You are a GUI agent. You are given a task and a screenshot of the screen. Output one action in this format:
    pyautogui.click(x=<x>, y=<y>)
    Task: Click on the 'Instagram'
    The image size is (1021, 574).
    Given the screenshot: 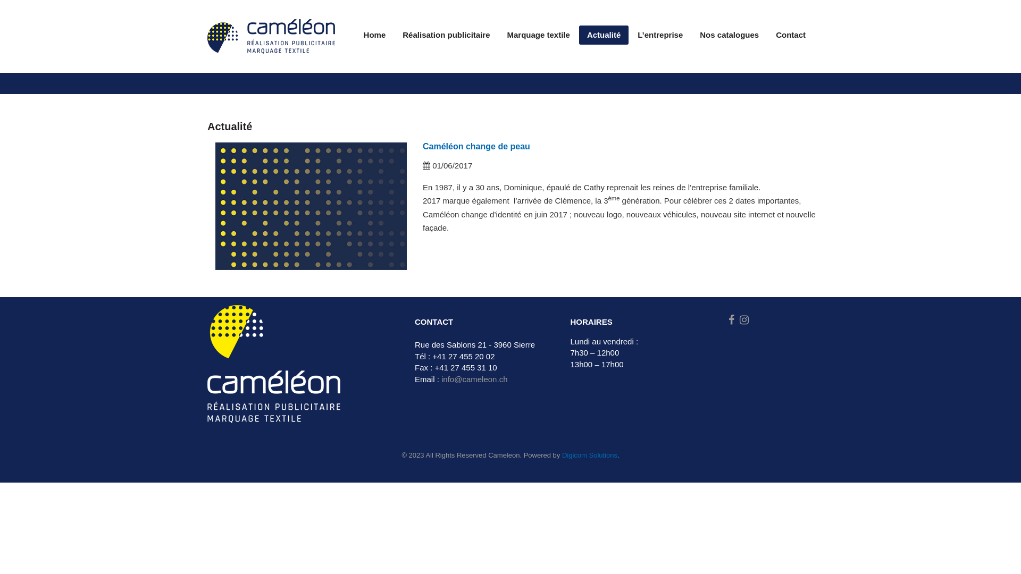 What is the action you would take?
    pyautogui.click(x=743, y=319)
    